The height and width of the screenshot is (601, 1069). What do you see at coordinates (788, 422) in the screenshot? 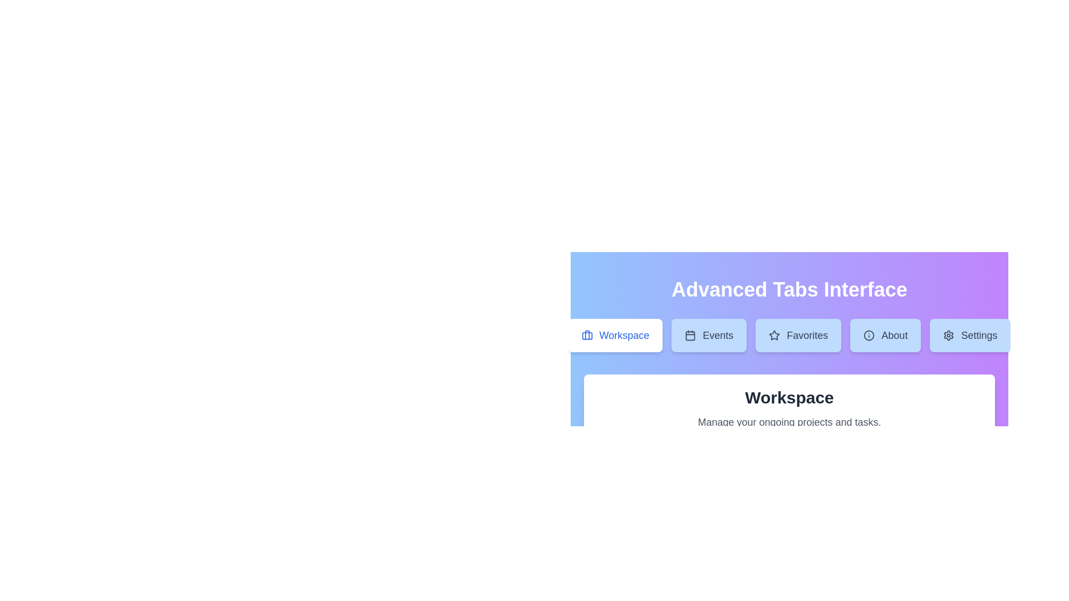
I see `the text label that reads 'Manage your ongoing projects and tasks.' which is styled in lightweight gray and positioned beneath the heading 'Workspace'` at bounding box center [788, 422].